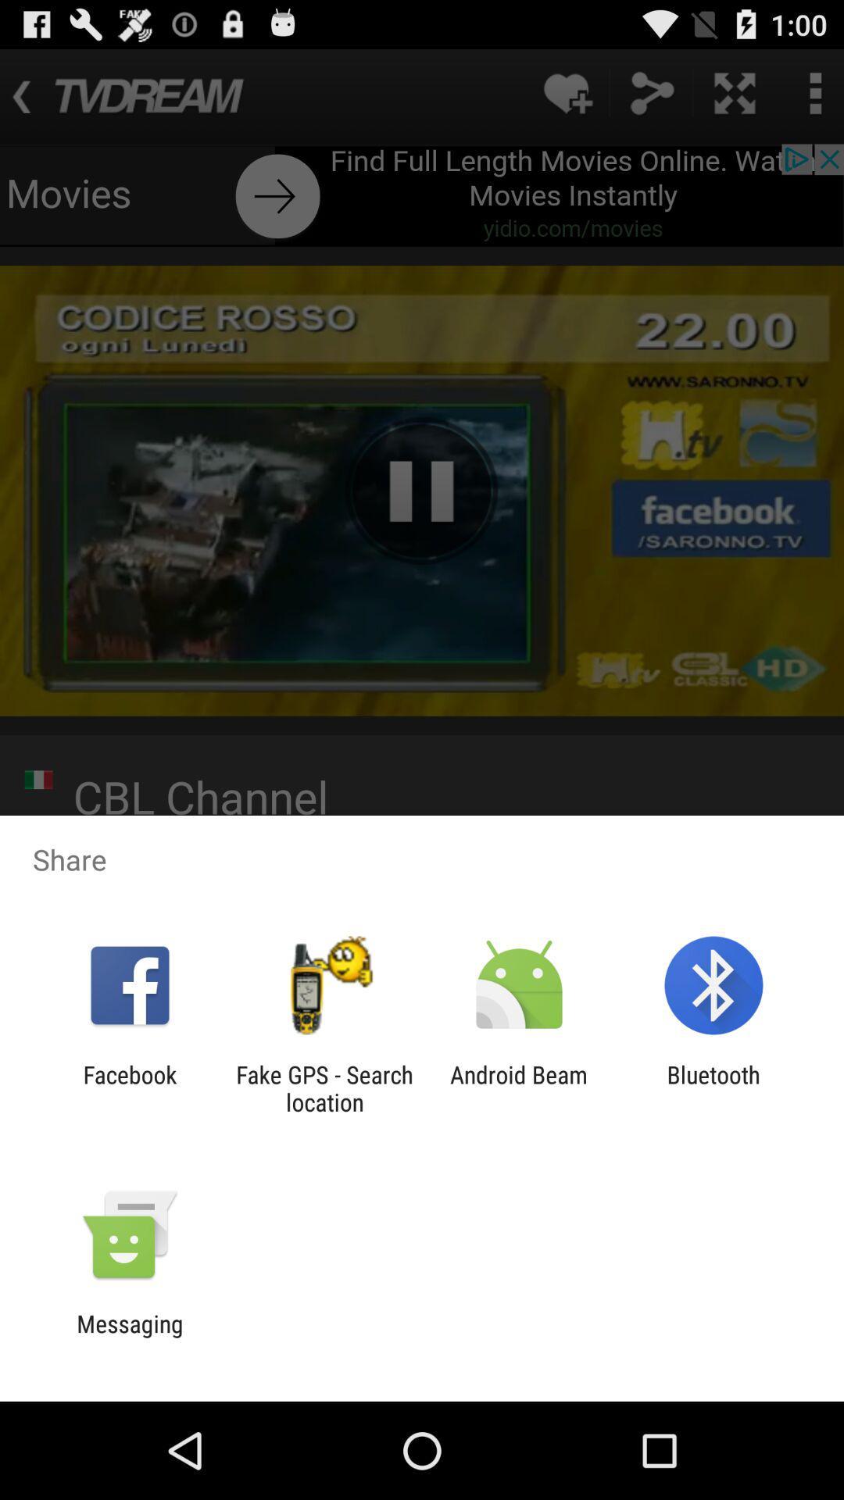  What do you see at coordinates (324, 1087) in the screenshot?
I see `fake gps search` at bounding box center [324, 1087].